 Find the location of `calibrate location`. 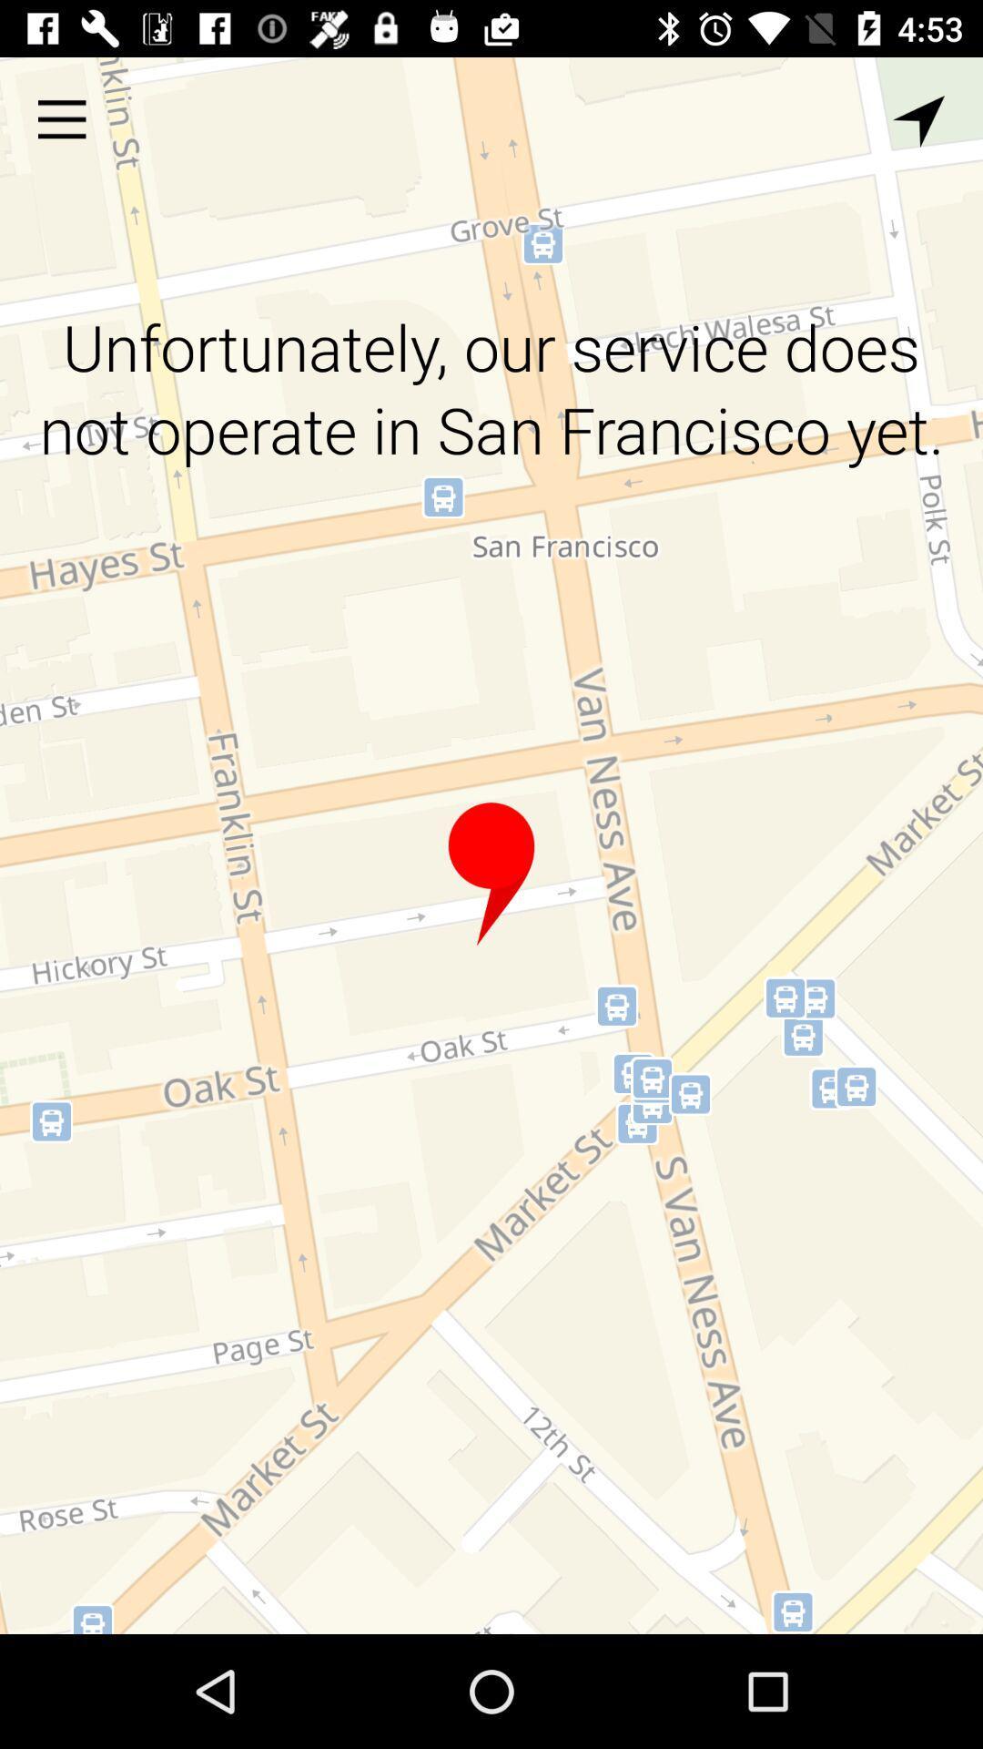

calibrate location is located at coordinates (918, 120).